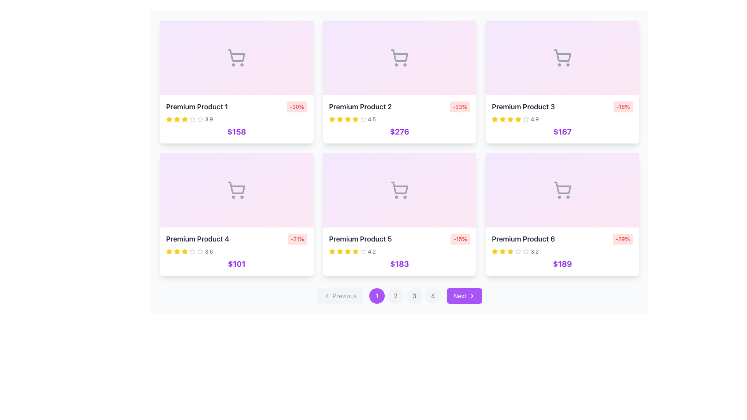  I want to click on the first rating star icon for 'Premium Product 6', which visually represents the first level in the star rating system, located in the lower section of the product card, so click(510, 251).